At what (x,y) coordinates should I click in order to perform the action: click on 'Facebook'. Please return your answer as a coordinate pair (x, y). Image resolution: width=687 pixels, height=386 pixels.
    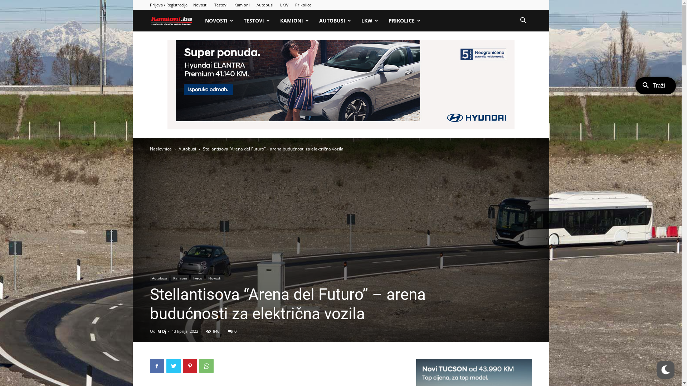
    Looking at the image, I should click on (156, 366).